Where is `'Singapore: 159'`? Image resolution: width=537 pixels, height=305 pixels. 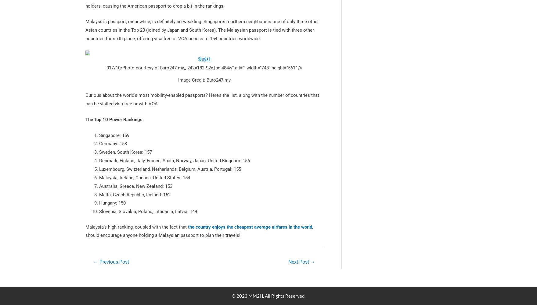 'Singapore: 159' is located at coordinates (114, 135).